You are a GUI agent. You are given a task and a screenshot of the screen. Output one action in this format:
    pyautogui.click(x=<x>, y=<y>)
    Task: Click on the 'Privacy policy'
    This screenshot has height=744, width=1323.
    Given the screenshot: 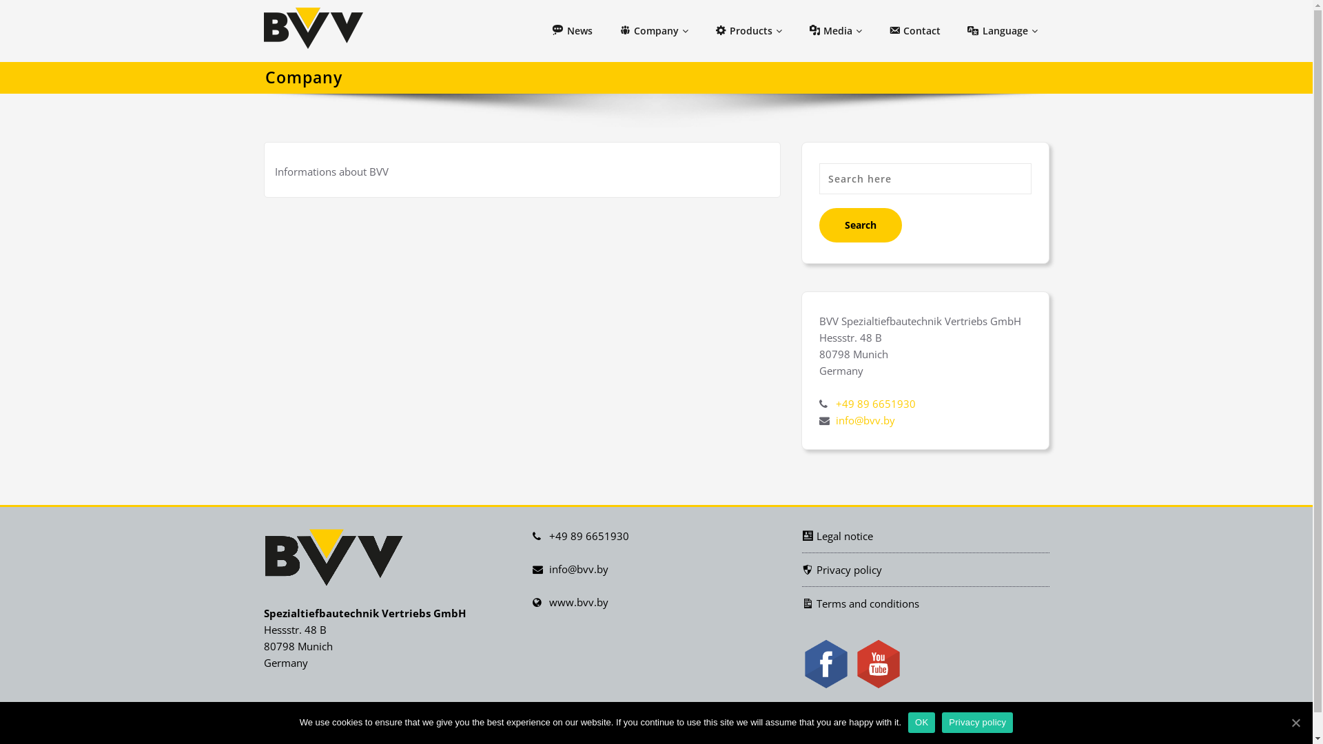 What is the action you would take?
    pyautogui.click(x=840, y=569)
    